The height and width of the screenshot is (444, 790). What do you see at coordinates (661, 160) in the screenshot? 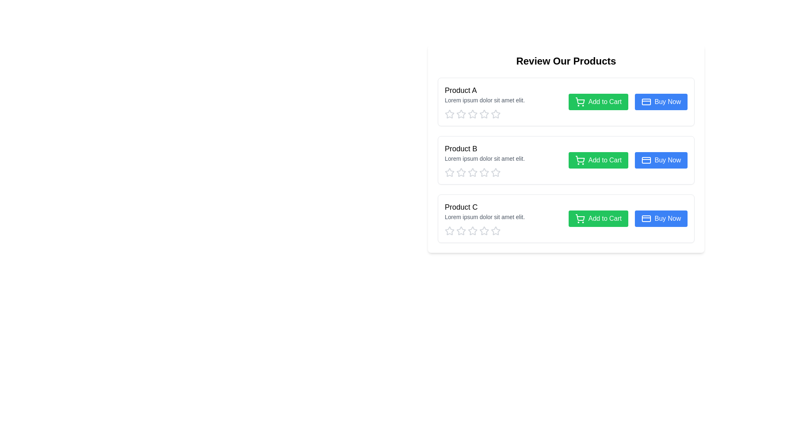
I see `the purchase button located to the right of the 'Add to Cart' button` at bounding box center [661, 160].